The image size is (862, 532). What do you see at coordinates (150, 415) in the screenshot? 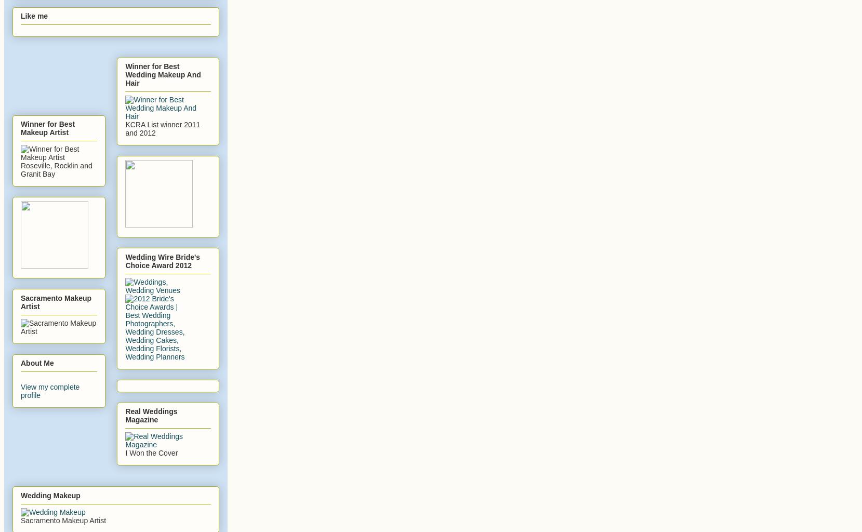
I see `'Real Weddings Magazine'` at bounding box center [150, 415].